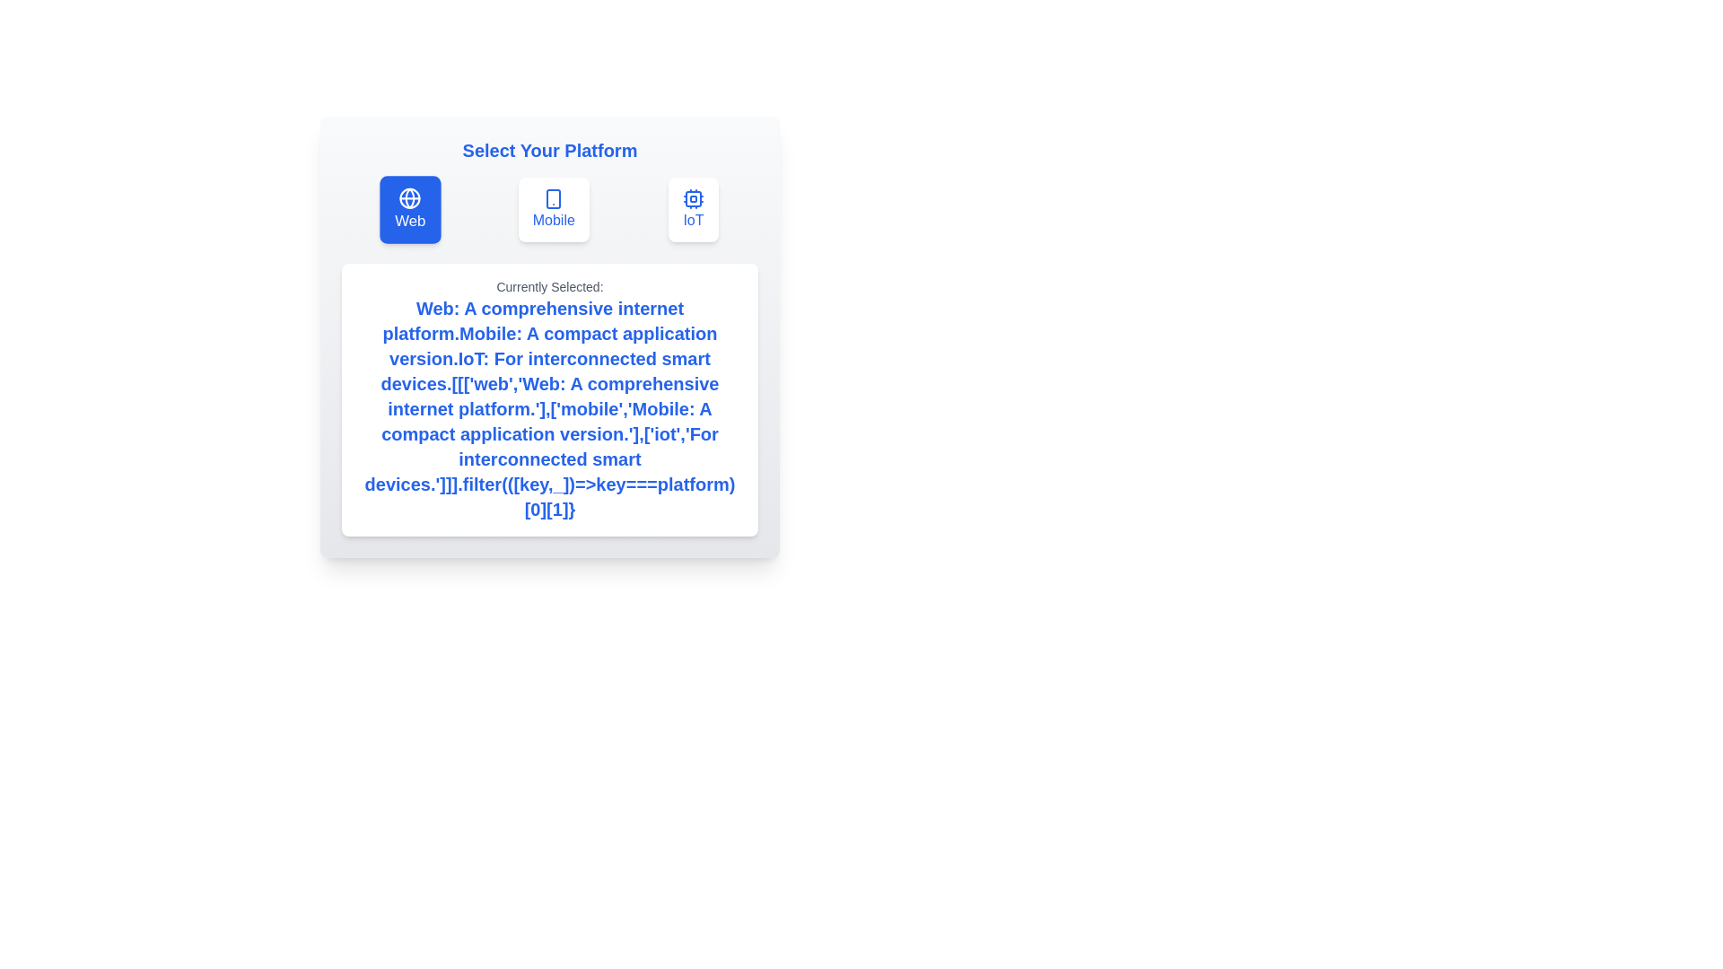 This screenshot has width=1723, height=969. Describe the element at coordinates (549, 399) in the screenshot. I see `the 'Currently Selected' text section to read its content` at that location.